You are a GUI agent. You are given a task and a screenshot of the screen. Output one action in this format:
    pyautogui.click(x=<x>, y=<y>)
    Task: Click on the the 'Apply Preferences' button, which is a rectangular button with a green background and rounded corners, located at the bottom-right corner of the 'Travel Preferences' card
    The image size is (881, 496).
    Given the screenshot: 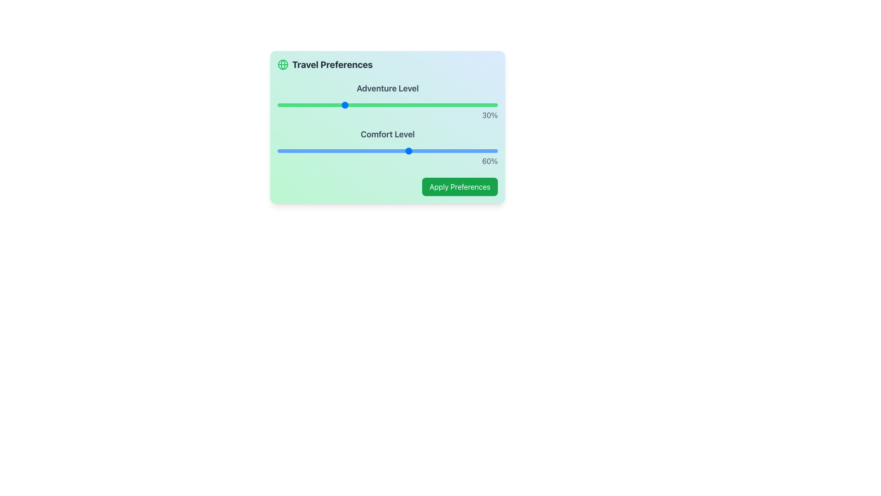 What is the action you would take?
    pyautogui.click(x=460, y=186)
    